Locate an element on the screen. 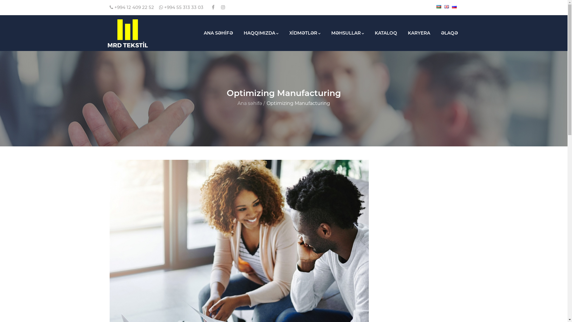 This screenshot has width=572, height=322. '+994 55 313 33 03' is located at coordinates (181, 7).